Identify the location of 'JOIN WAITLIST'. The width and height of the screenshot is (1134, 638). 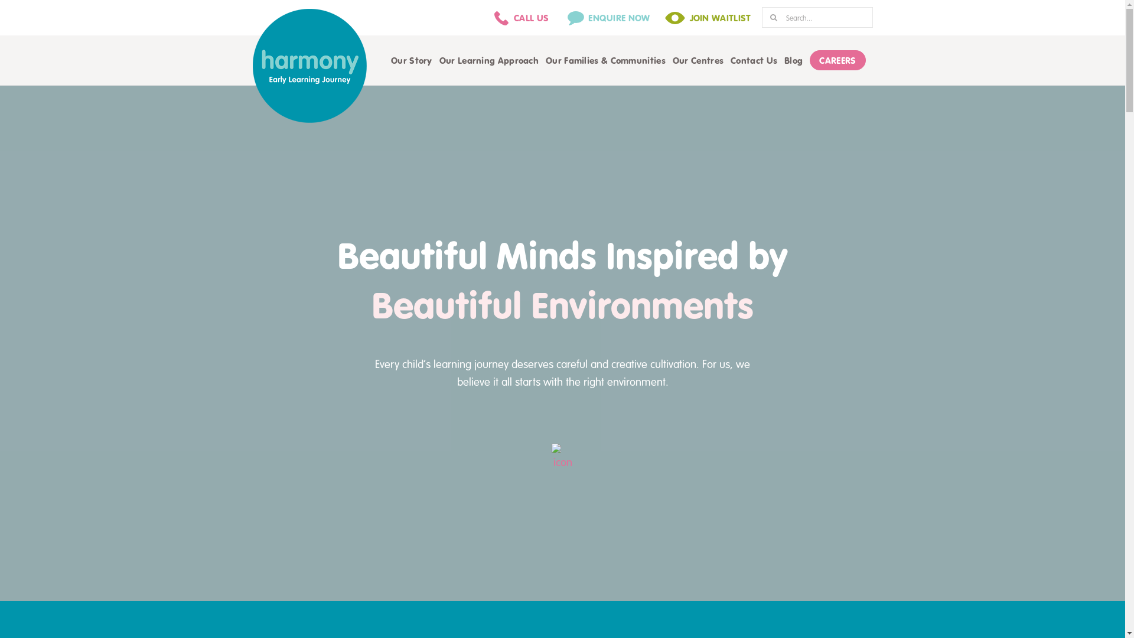
(708, 18).